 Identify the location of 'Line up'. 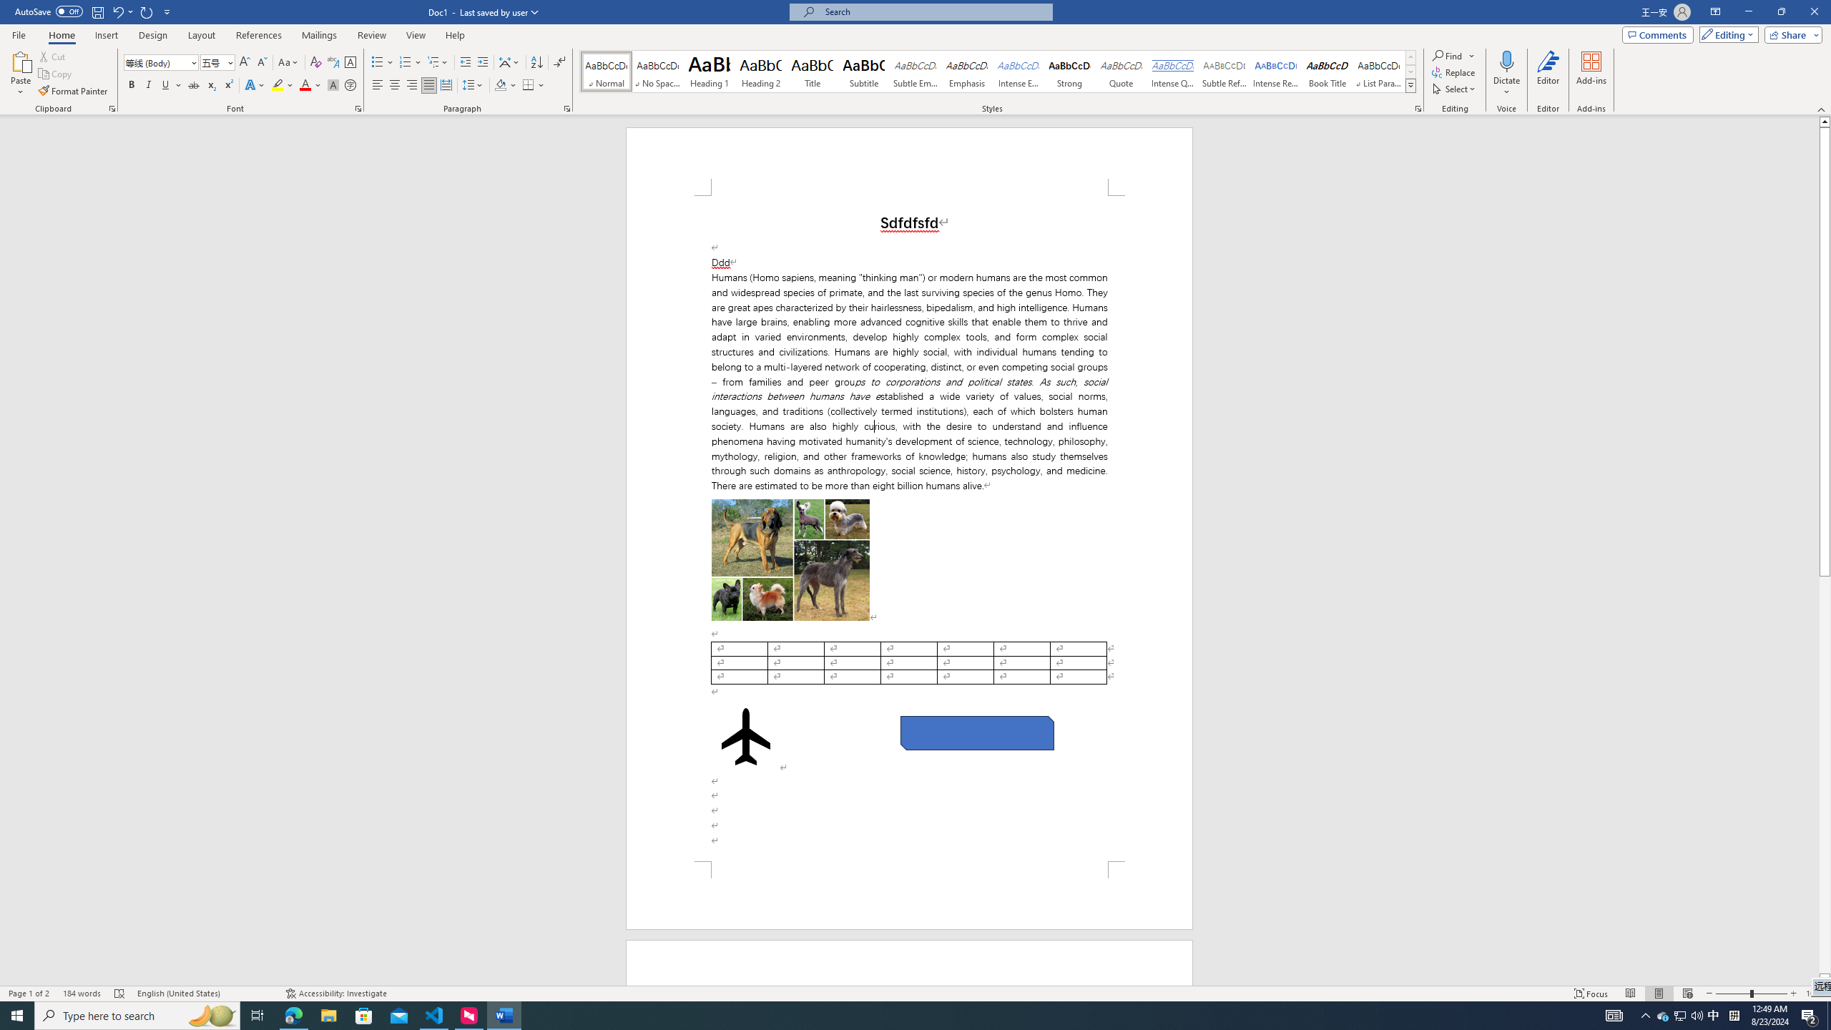
(1825, 120).